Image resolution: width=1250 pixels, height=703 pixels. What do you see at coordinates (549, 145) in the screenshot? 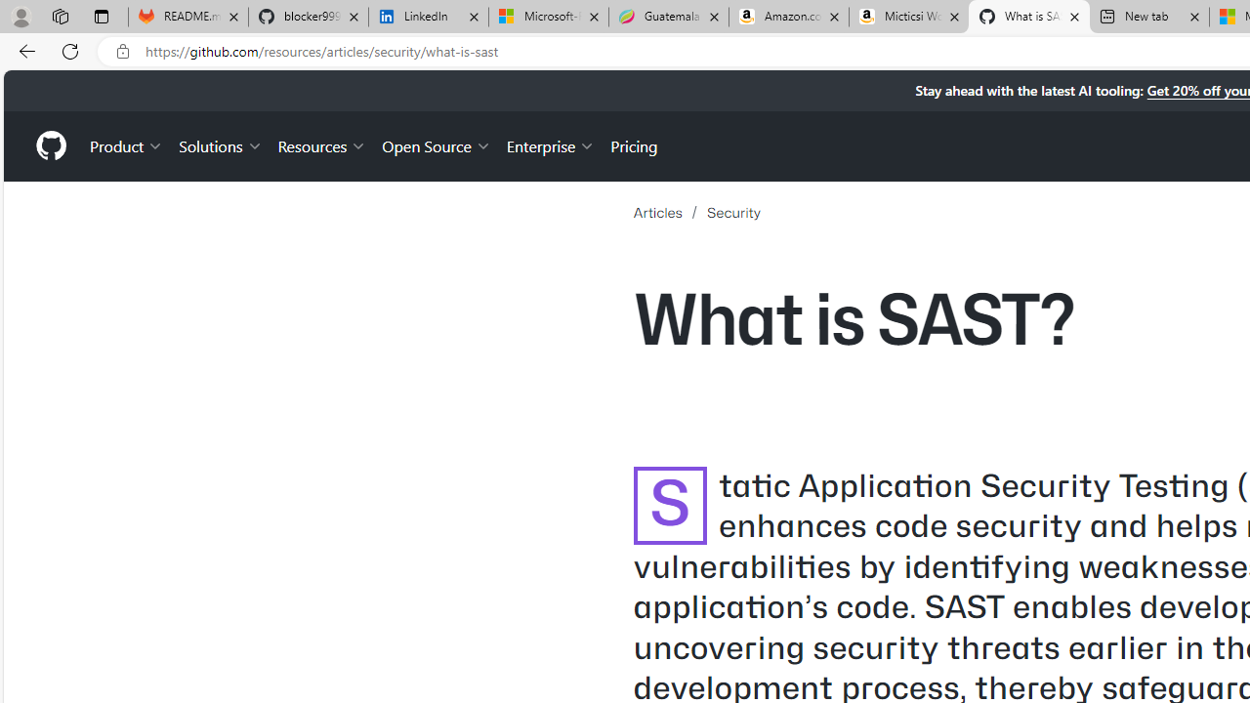
I see `'Enterprise'` at bounding box center [549, 145].